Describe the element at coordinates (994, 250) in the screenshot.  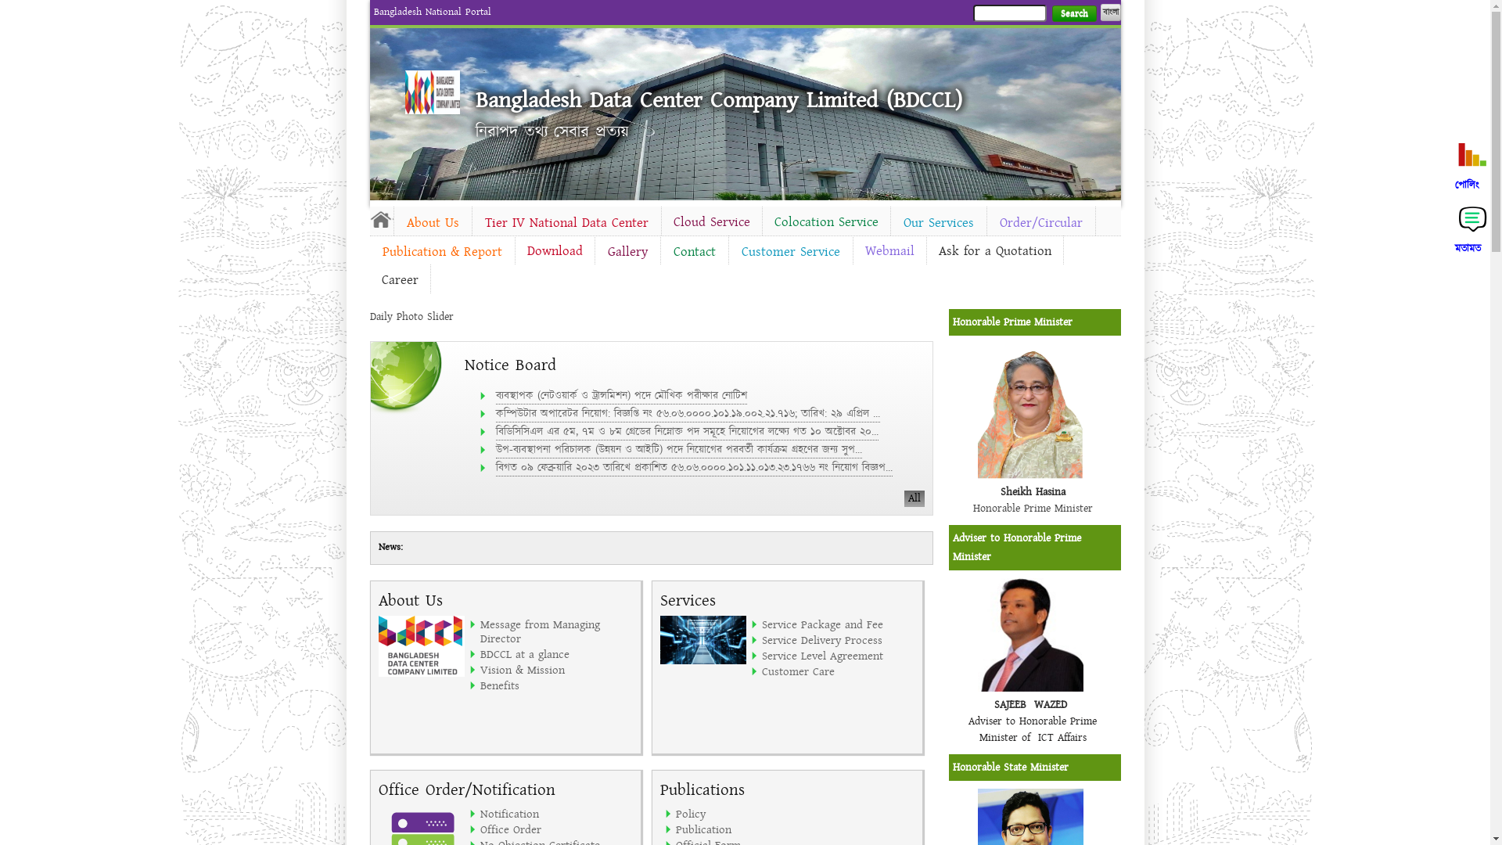
I see `'Ask for a Quotation'` at that location.